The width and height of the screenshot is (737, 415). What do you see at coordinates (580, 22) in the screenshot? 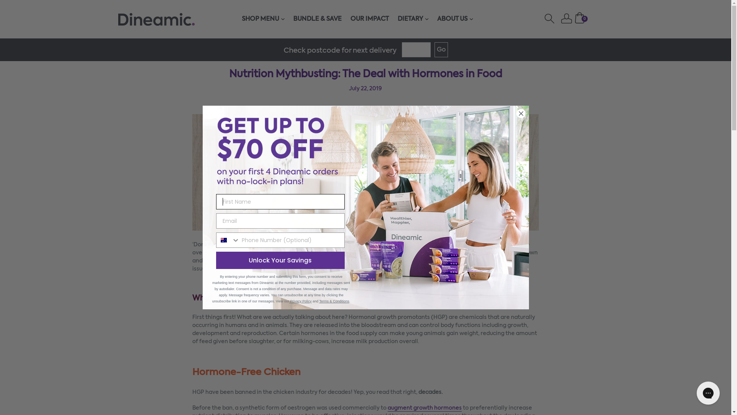
I see `'Cart` at bounding box center [580, 22].